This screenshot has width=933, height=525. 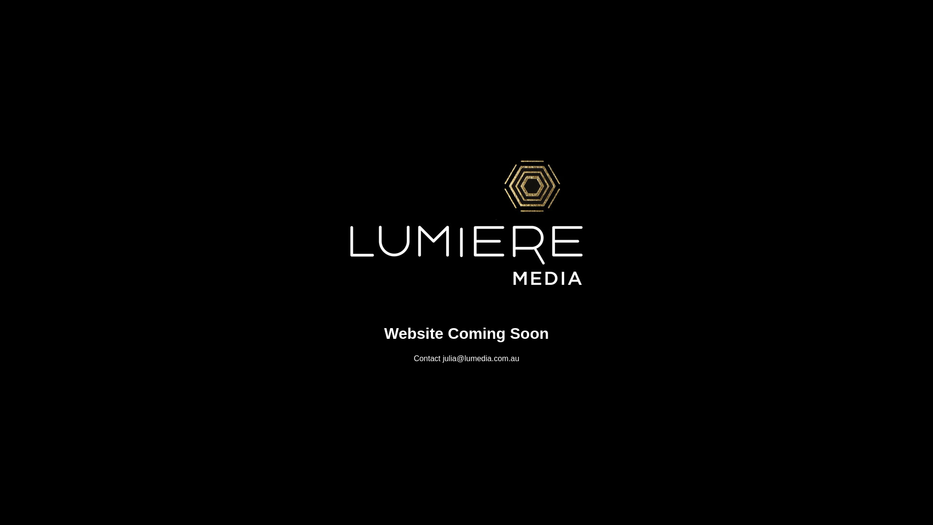 I want to click on 'julia@lumedia.com.au', so click(x=481, y=358).